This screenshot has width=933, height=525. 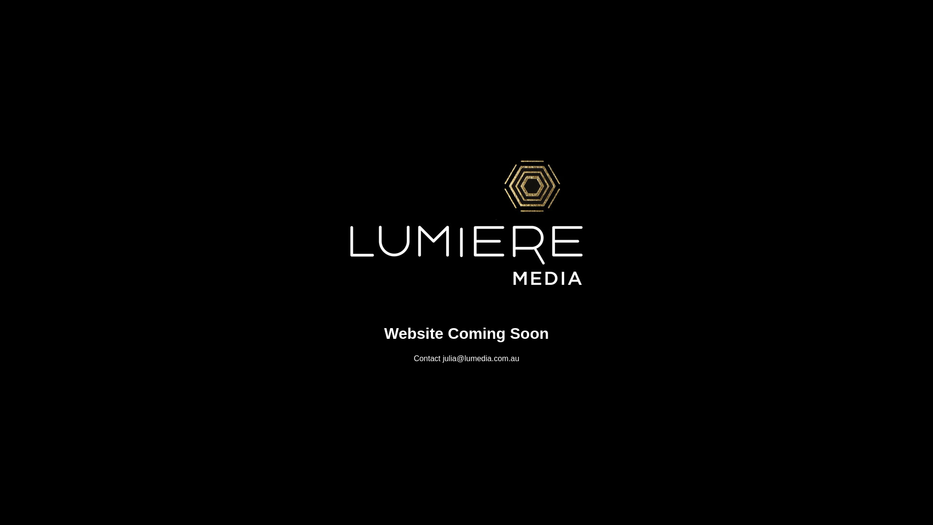 I want to click on 'julia@lumedia.com.au', so click(x=481, y=358).